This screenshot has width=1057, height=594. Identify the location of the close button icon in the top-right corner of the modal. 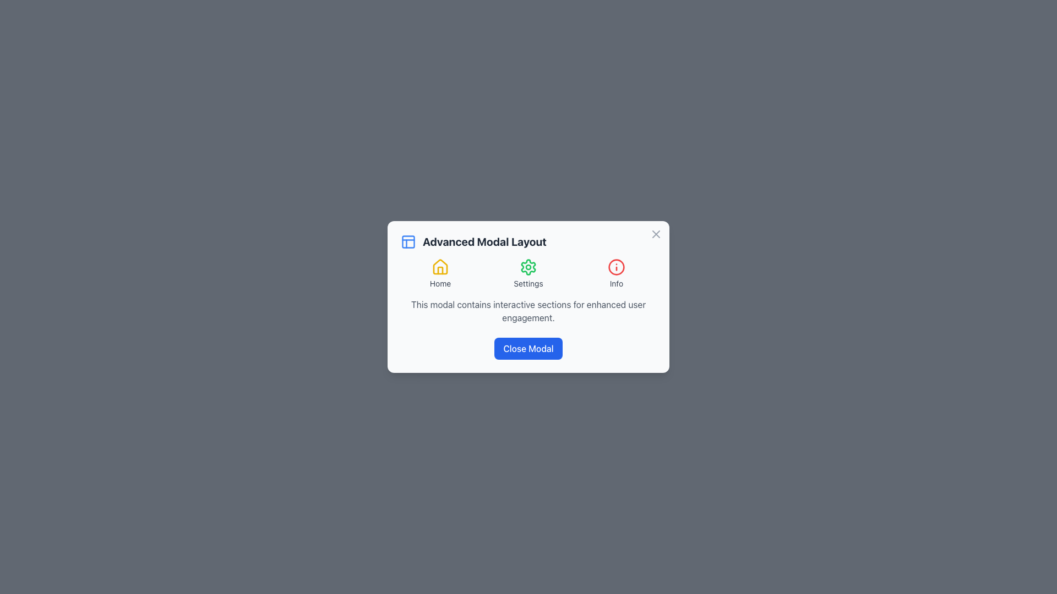
(656, 233).